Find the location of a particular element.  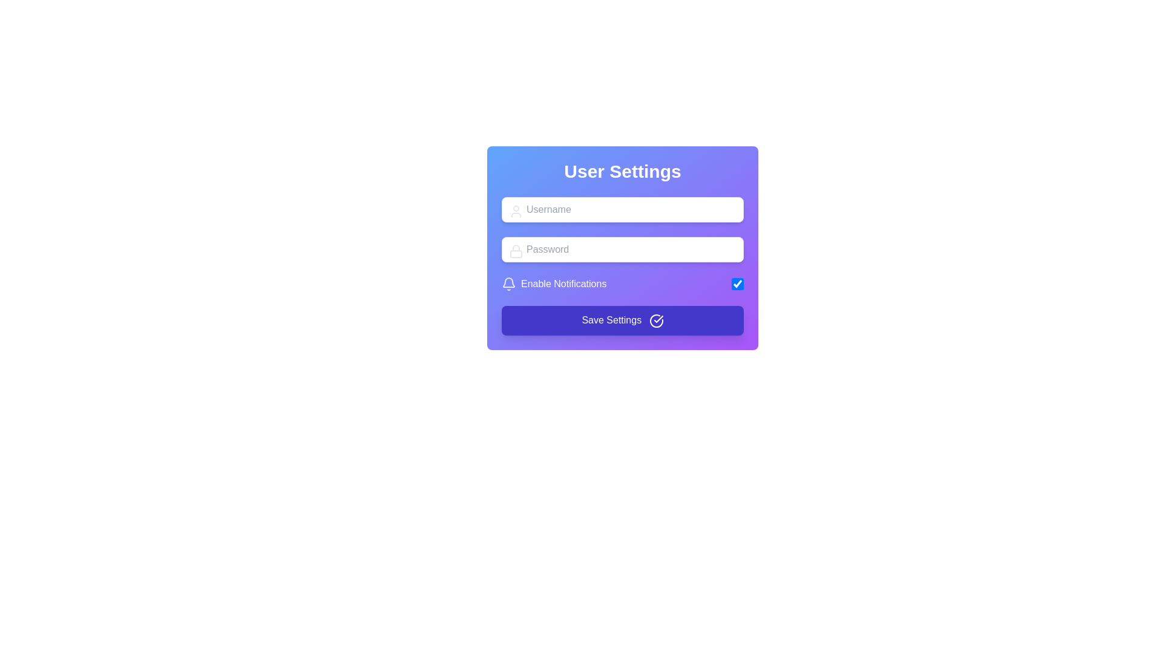

text label that describes the checkbox to its right, providing context for the adjacent elements in the User Settings modal is located at coordinates (563, 284).